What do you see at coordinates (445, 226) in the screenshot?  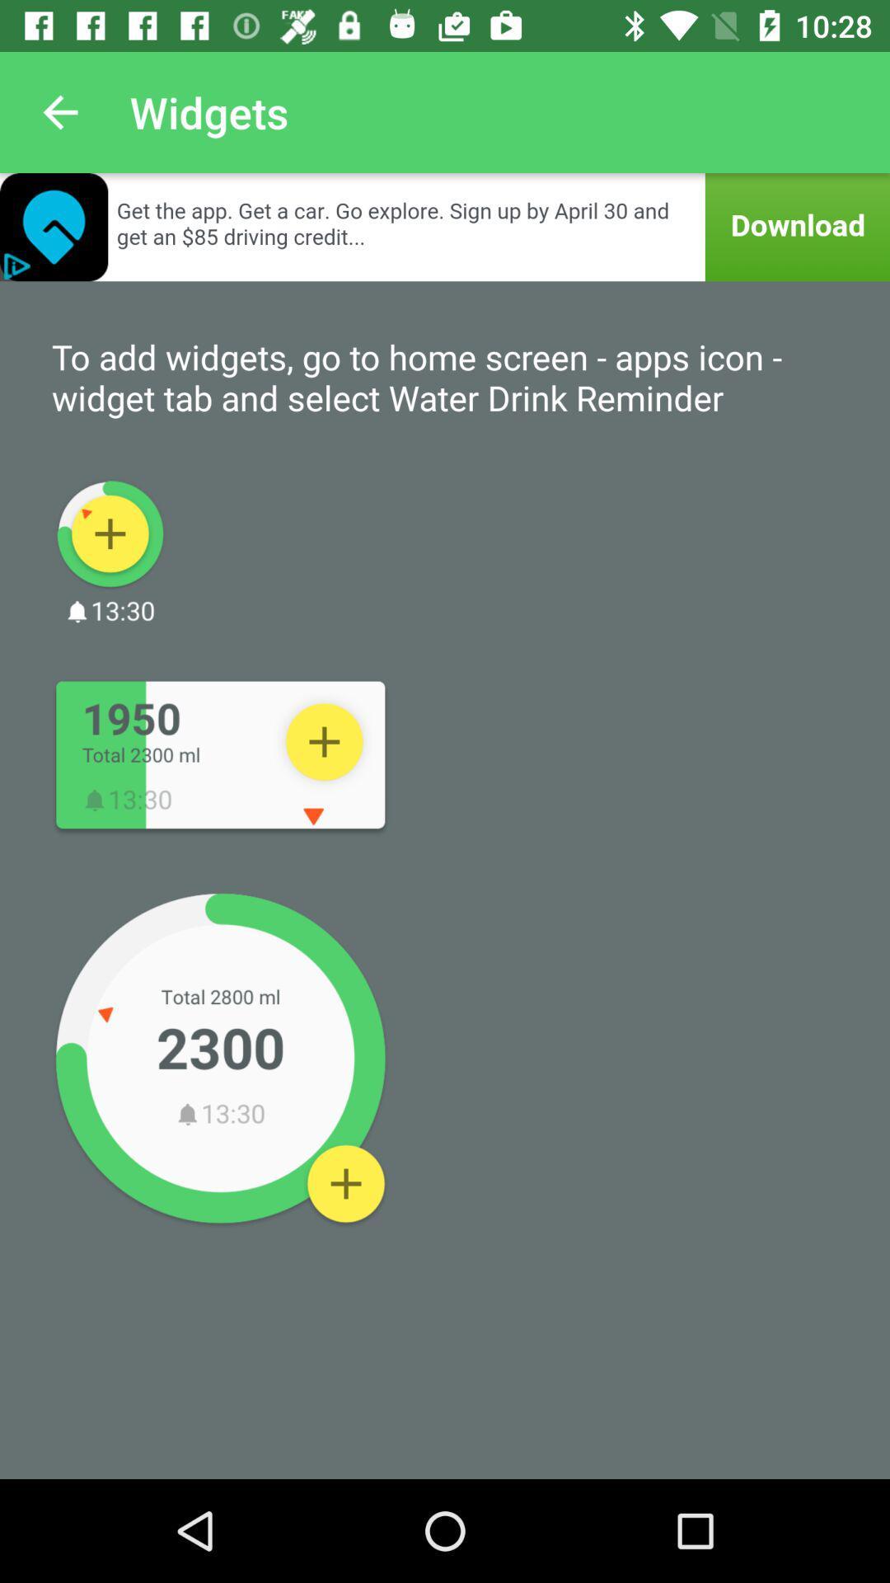 I see `through an app that you are using a advert slots in at the top of the screen` at bounding box center [445, 226].